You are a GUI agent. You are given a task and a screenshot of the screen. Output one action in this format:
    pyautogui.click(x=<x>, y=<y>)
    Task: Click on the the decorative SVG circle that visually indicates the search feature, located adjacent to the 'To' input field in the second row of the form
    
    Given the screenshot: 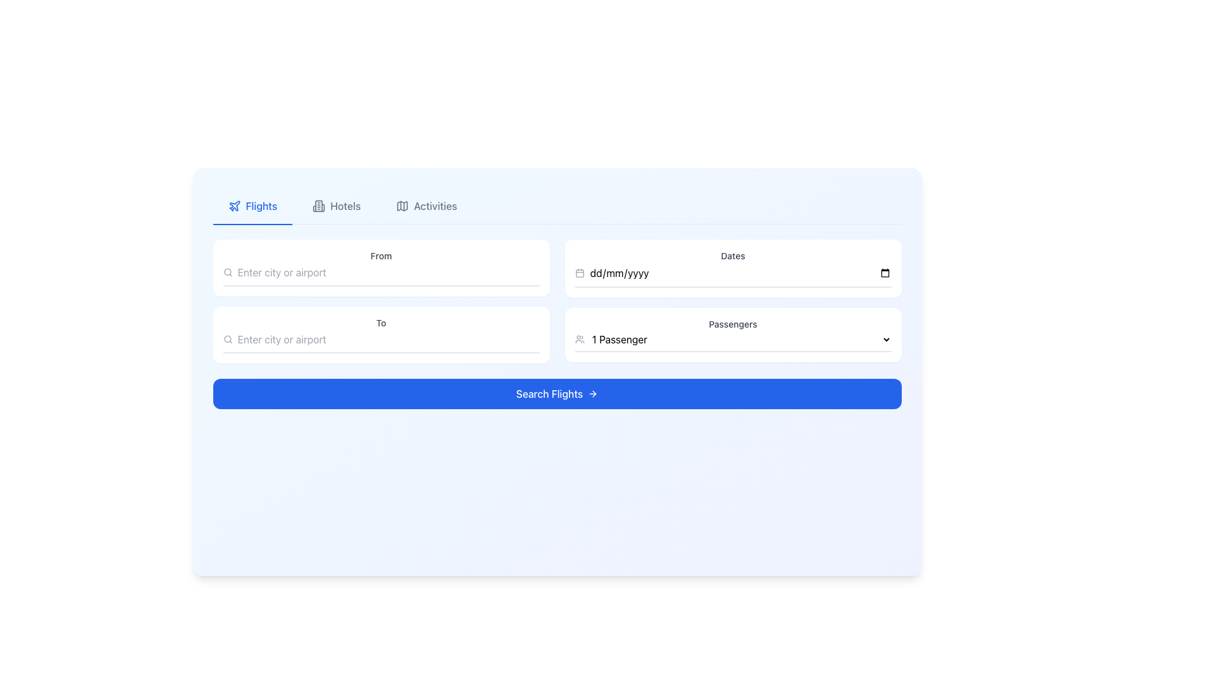 What is the action you would take?
    pyautogui.click(x=227, y=271)
    